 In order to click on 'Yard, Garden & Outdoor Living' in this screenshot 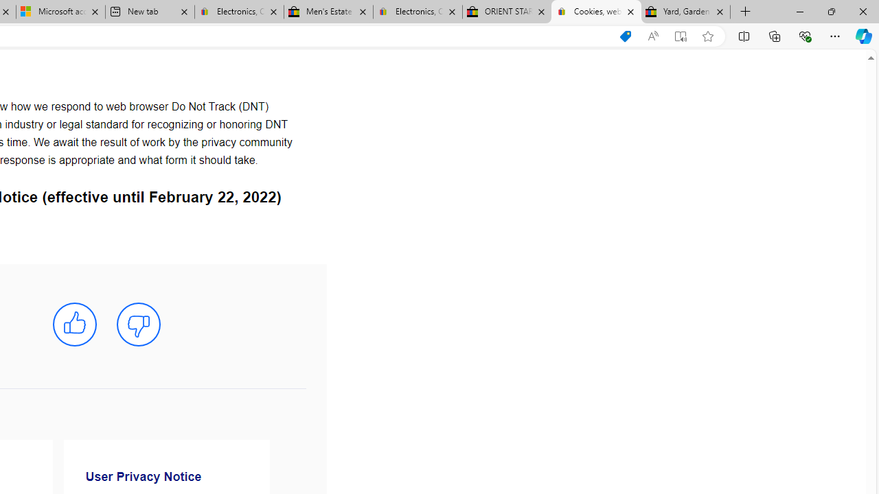, I will do `click(686, 12)`.